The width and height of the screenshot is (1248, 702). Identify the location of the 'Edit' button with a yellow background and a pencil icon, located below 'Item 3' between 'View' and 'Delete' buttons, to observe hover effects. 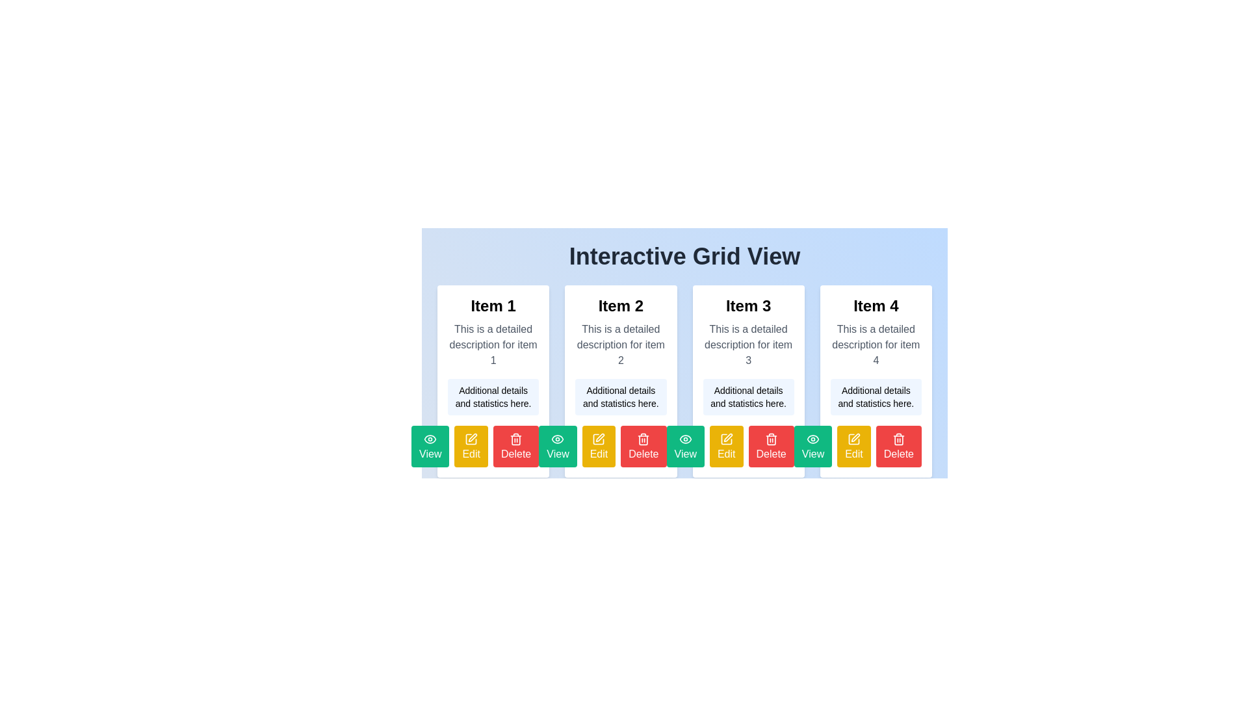
(725, 445).